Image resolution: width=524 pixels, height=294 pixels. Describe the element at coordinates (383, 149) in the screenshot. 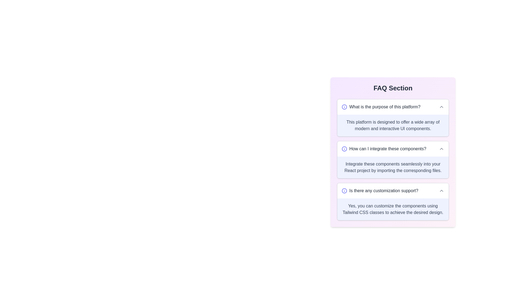

I see `the second question header in the FAQ section, which is a text element with an associated icon that expands or collapses additional information` at that location.